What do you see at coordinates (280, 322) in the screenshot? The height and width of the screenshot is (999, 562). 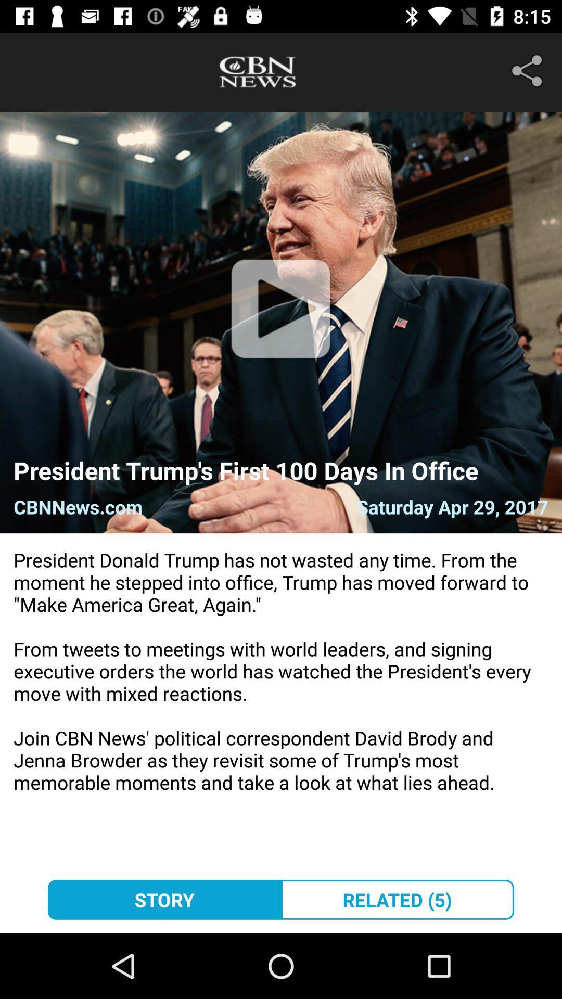 I see `the play icon` at bounding box center [280, 322].